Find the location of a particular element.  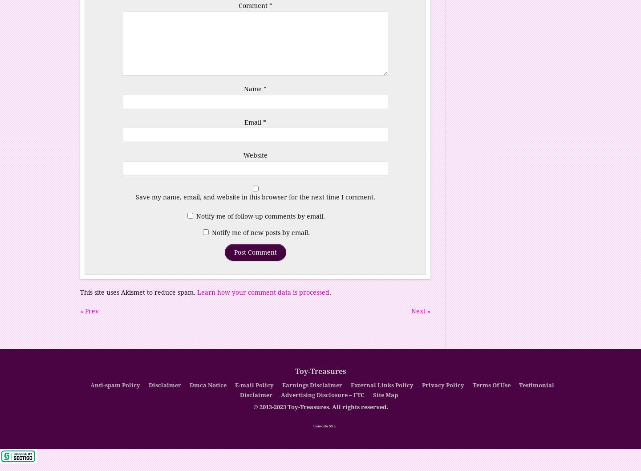

'Dmca Notice' is located at coordinates (208, 385).